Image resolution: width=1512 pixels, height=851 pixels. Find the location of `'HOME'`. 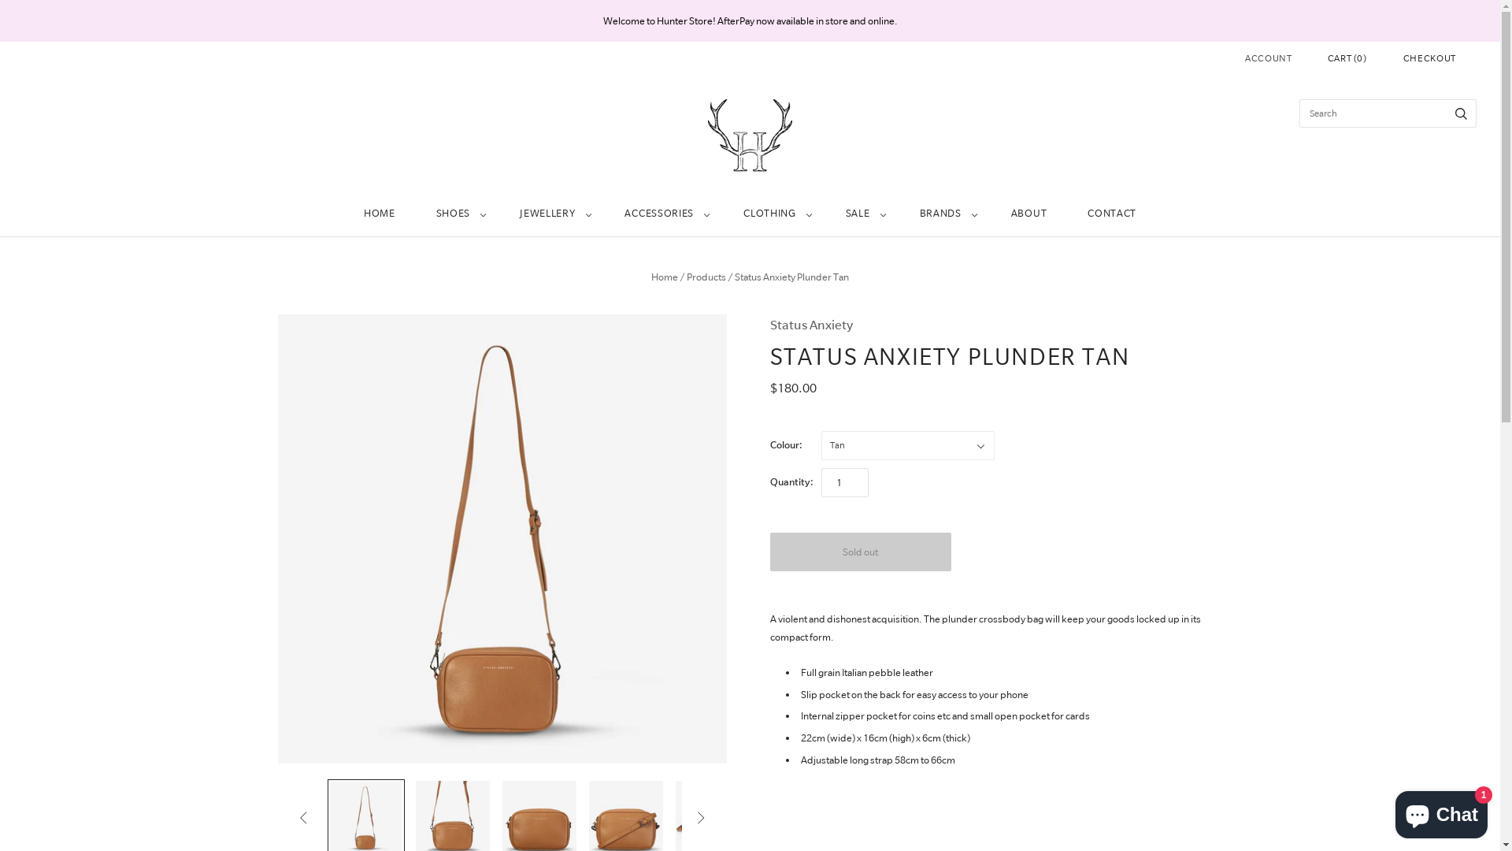

'HOME' is located at coordinates (379, 214).